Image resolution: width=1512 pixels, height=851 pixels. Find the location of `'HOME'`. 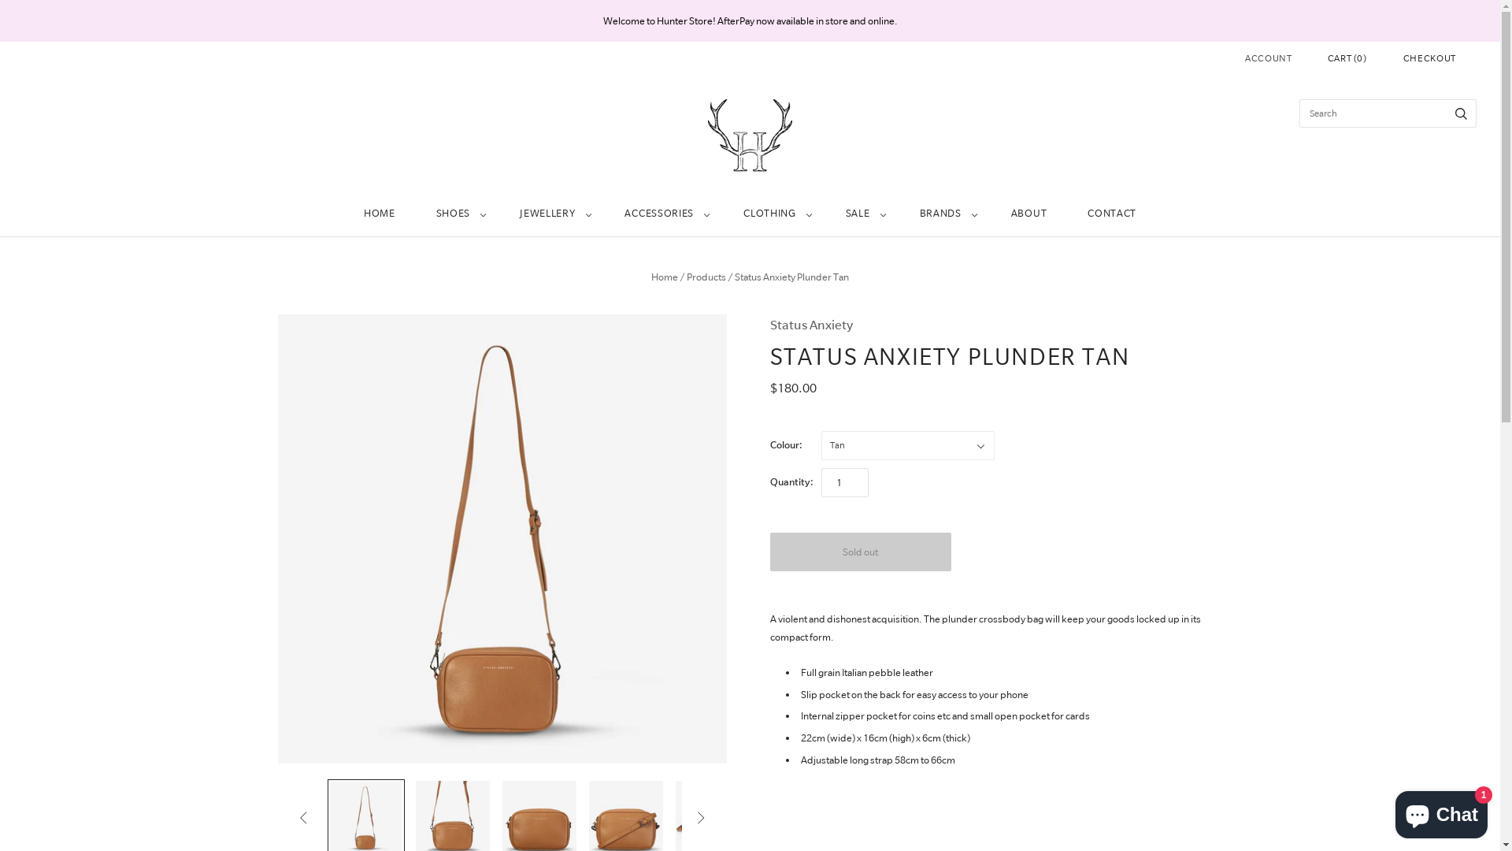

'HOME' is located at coordinates (379, 214).